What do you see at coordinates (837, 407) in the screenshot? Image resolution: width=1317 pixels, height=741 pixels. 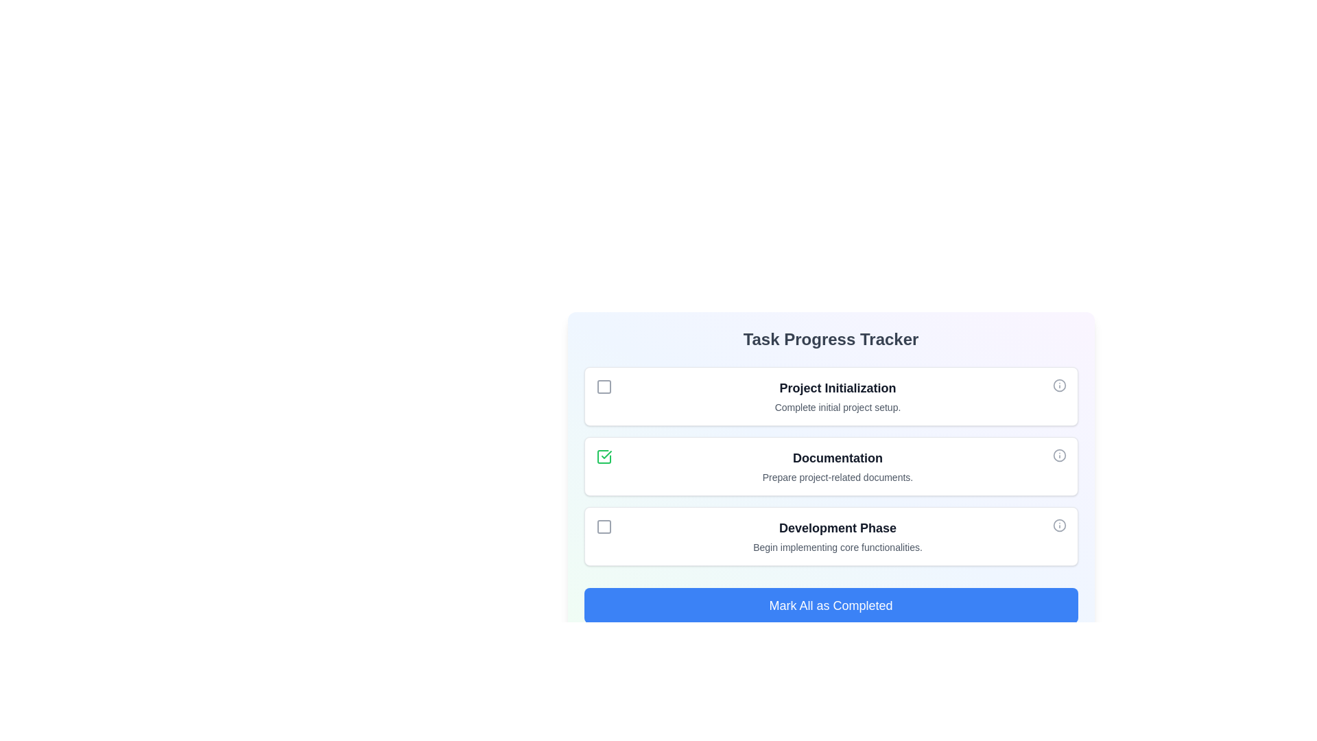 I see `text label that says 'Complete initial project setup.' located under the heading 'Project Initialization' in the first task card` at bounding box center [837, 407].